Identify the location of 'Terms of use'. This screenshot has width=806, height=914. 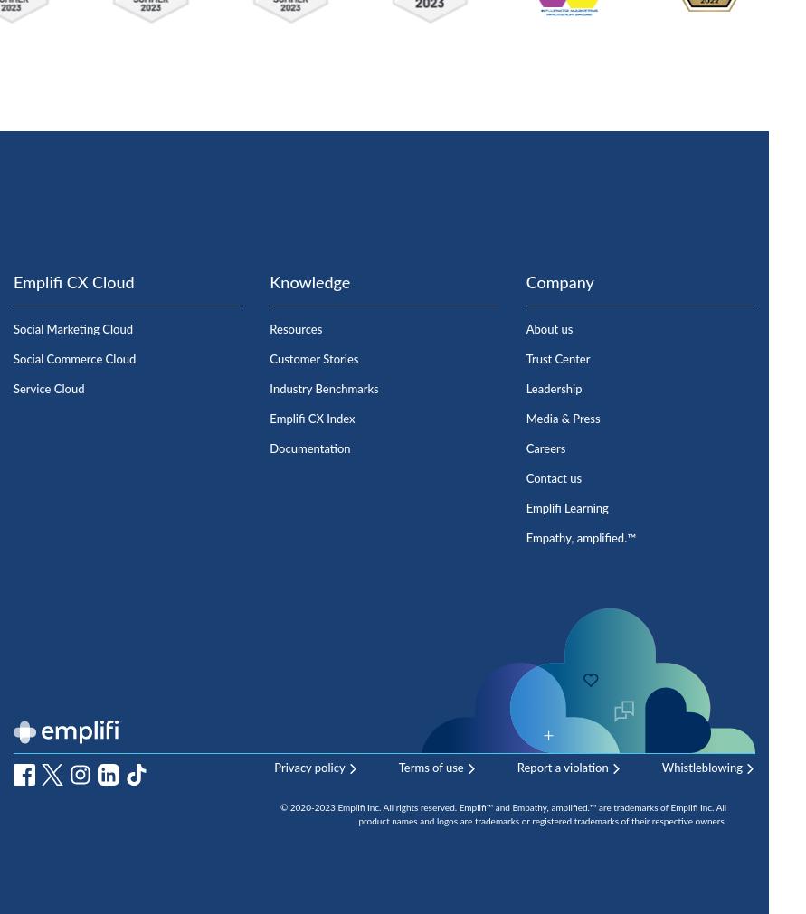
(397, 768).